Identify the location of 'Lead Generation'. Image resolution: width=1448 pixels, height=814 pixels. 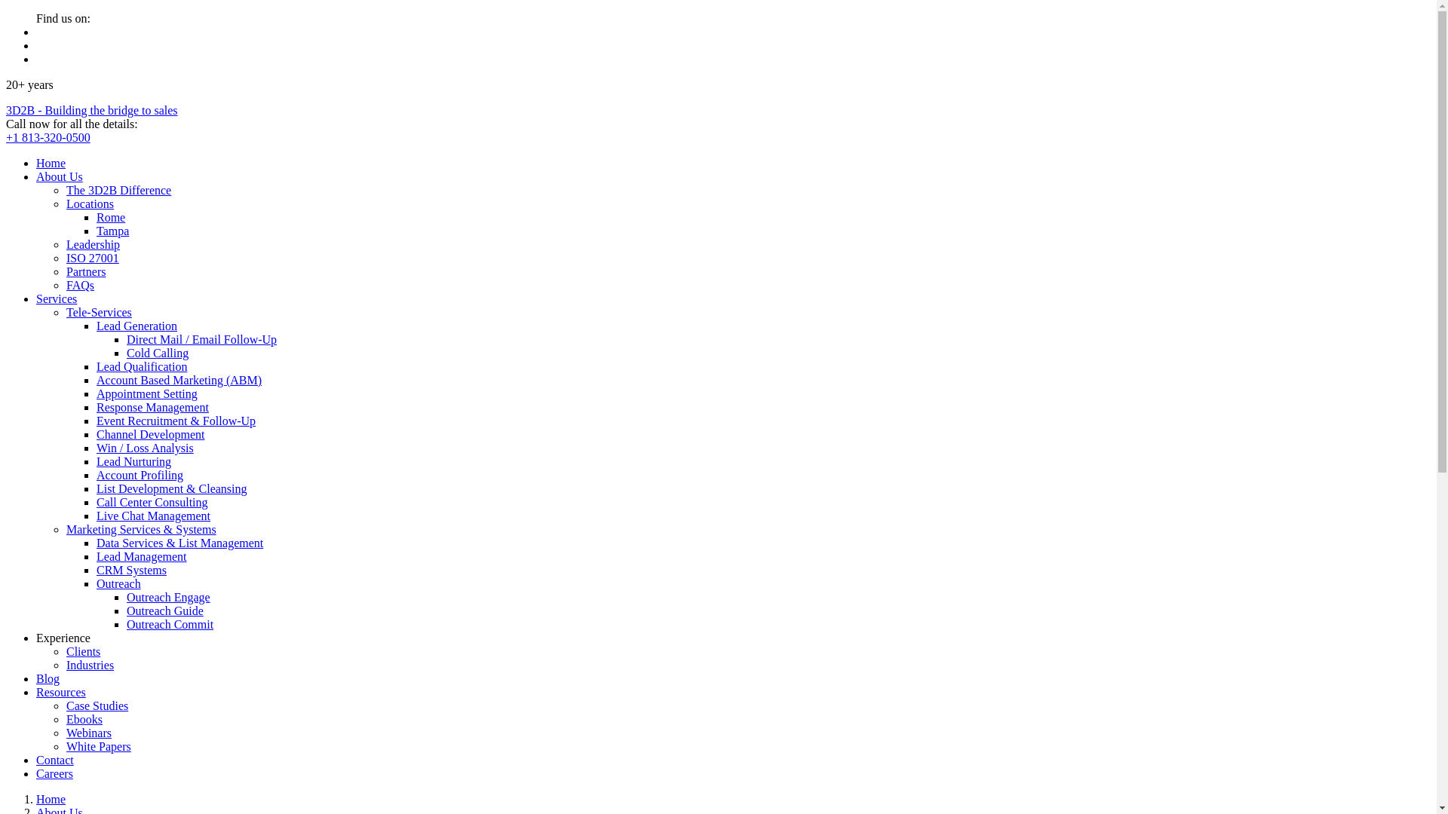
(96, 325).